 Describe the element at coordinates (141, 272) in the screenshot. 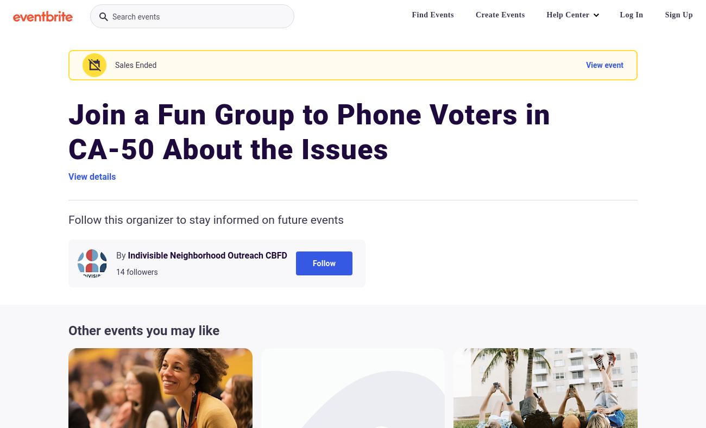

I see `'followers'` at that location.